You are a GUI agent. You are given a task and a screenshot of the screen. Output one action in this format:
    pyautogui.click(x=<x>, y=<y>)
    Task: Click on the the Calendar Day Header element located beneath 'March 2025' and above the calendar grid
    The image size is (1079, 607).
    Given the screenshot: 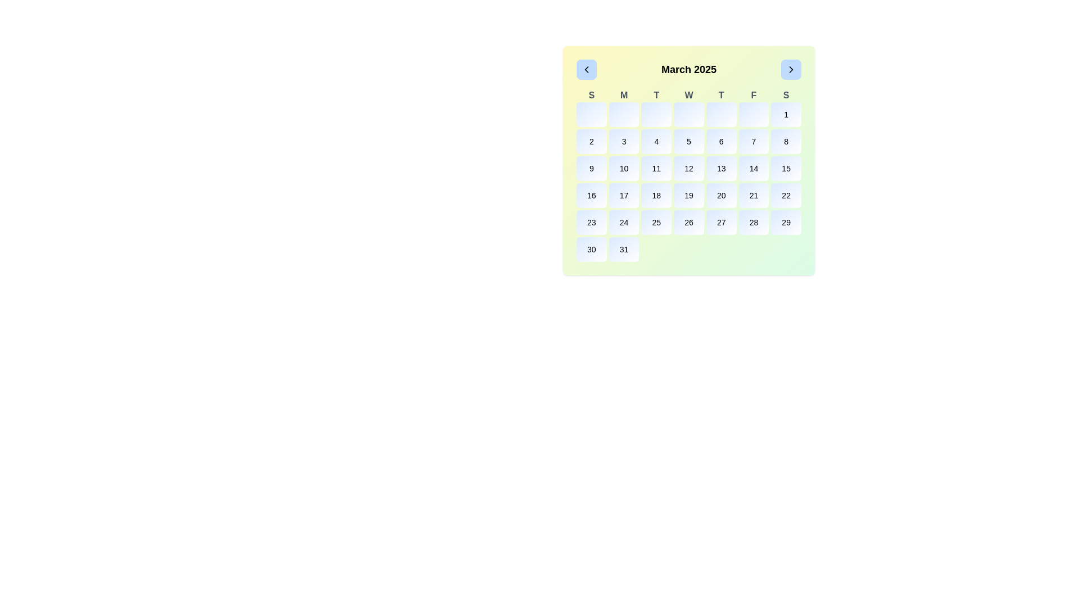 What is the action you would take?
    pyautogui.click(x=688, y=94)
    